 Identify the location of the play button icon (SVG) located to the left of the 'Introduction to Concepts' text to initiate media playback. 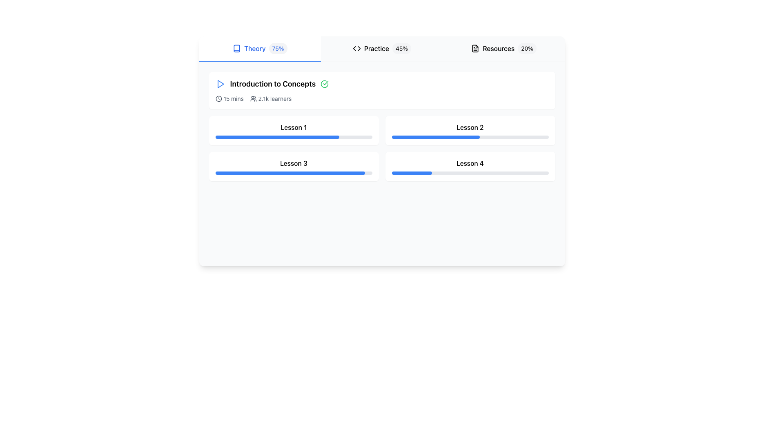
(220, 84).